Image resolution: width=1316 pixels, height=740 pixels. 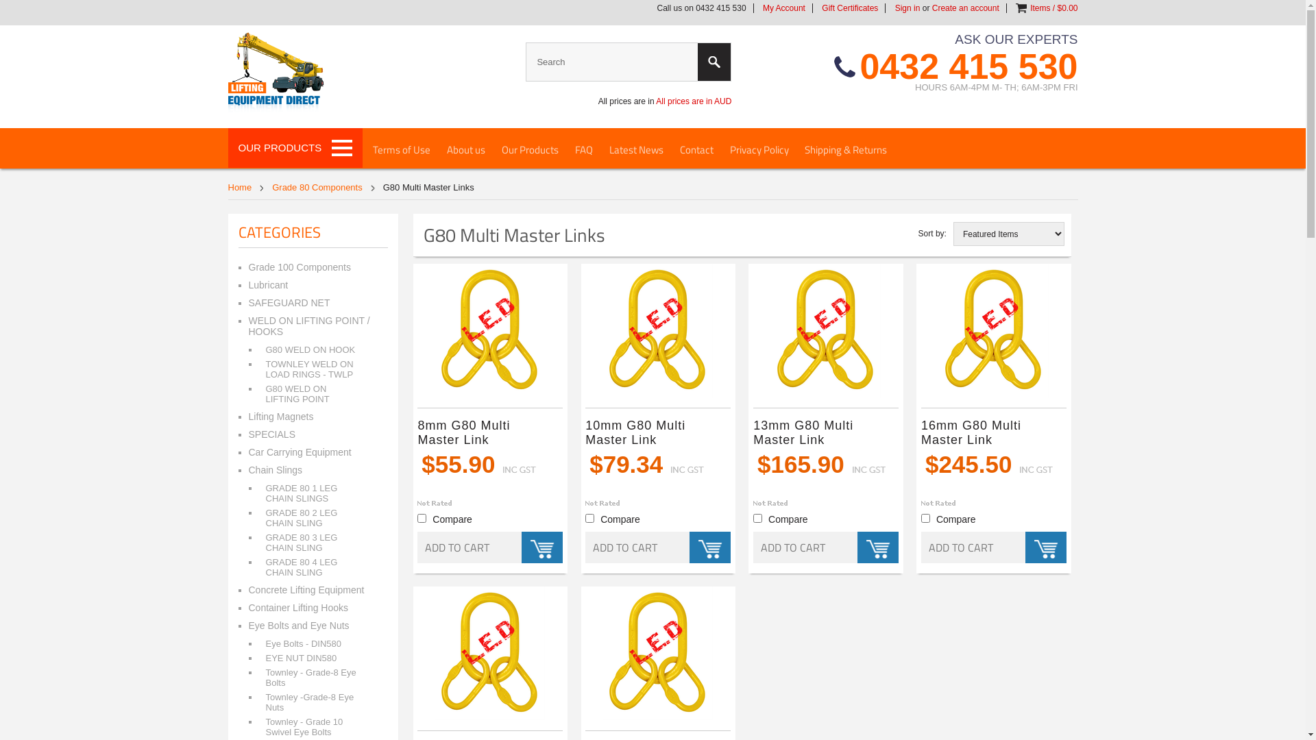 I want to click on 'All prices are in AUD', so click(x=694, y=100).